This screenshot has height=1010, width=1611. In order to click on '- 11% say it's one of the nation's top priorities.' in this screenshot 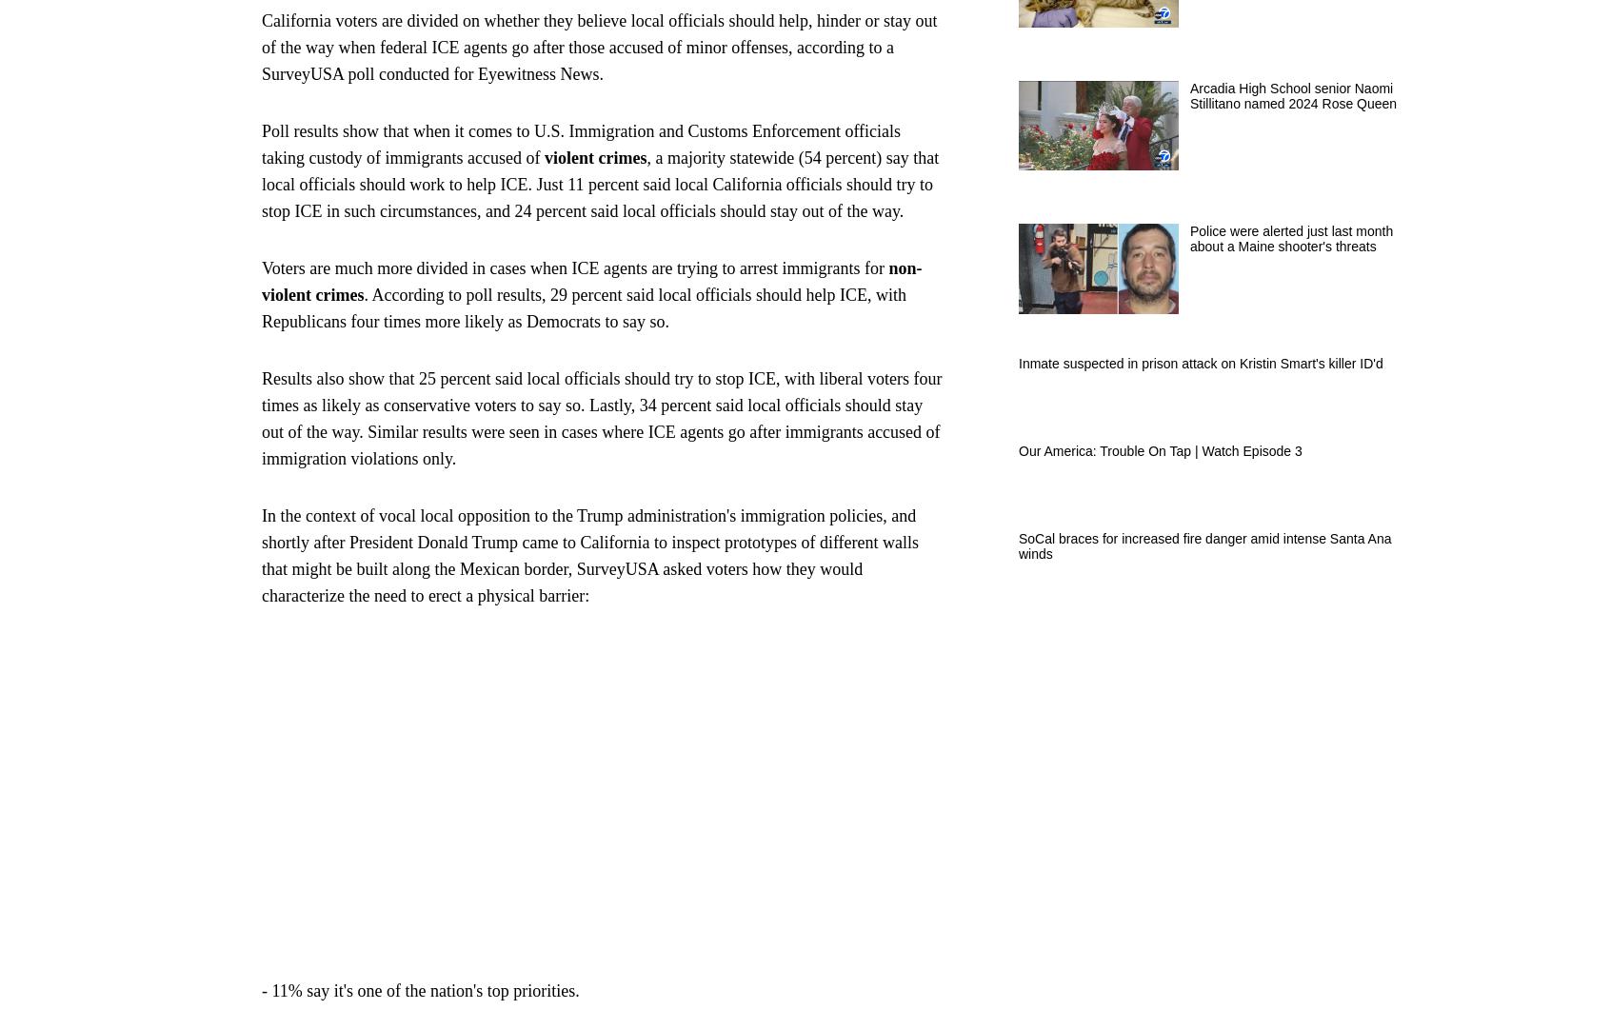, I will do `click(419, 988)`.